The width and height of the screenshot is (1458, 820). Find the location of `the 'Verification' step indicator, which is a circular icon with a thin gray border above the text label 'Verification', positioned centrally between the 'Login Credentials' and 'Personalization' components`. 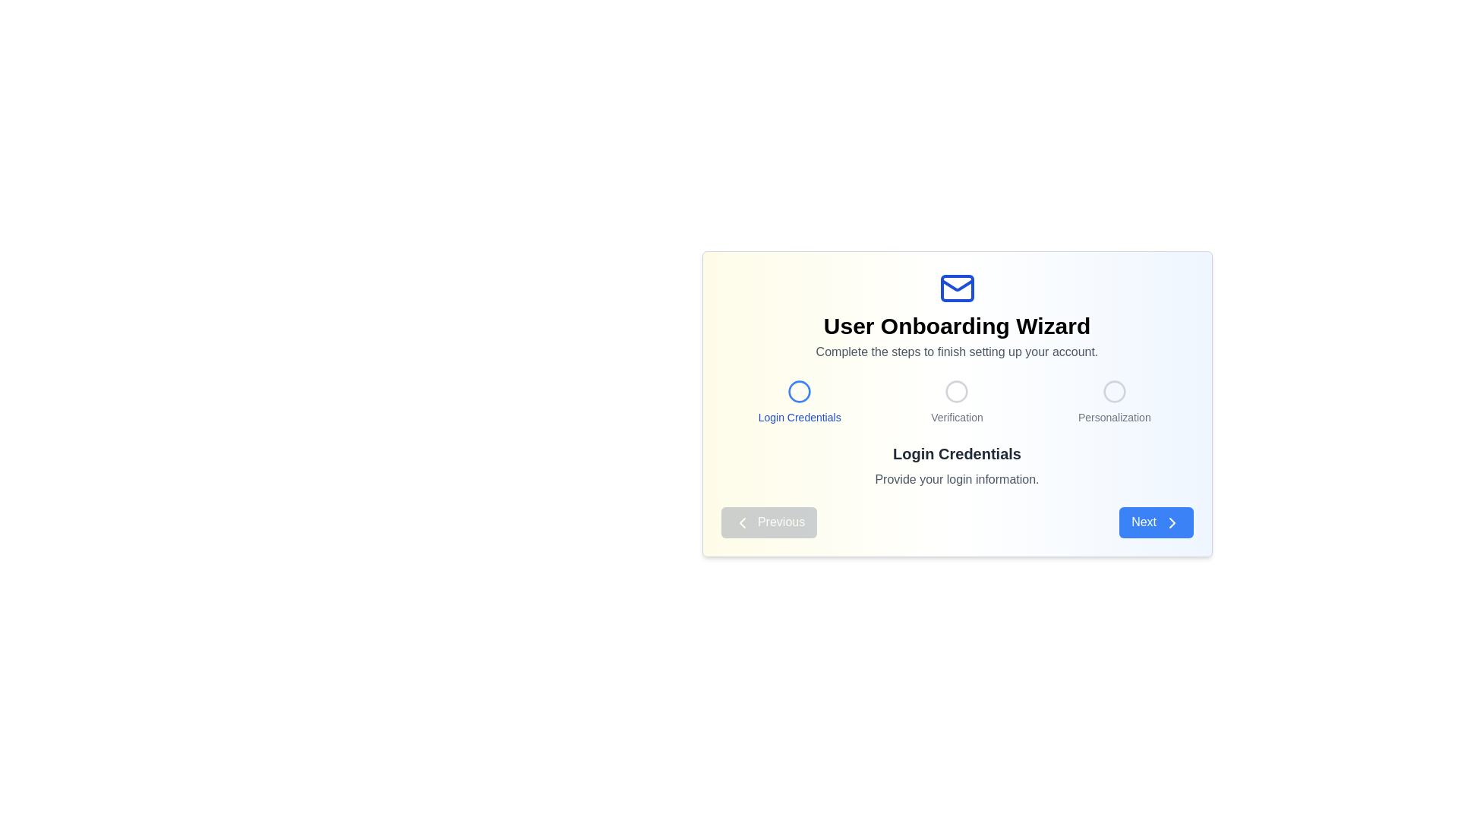

the 'Verification' step indicator, which is a circular icon with a thin gray border above the text label 'Verification', positioned centrally between the 'Login Credentials' and 'Personalization' components is located at coordinates (956, 401).